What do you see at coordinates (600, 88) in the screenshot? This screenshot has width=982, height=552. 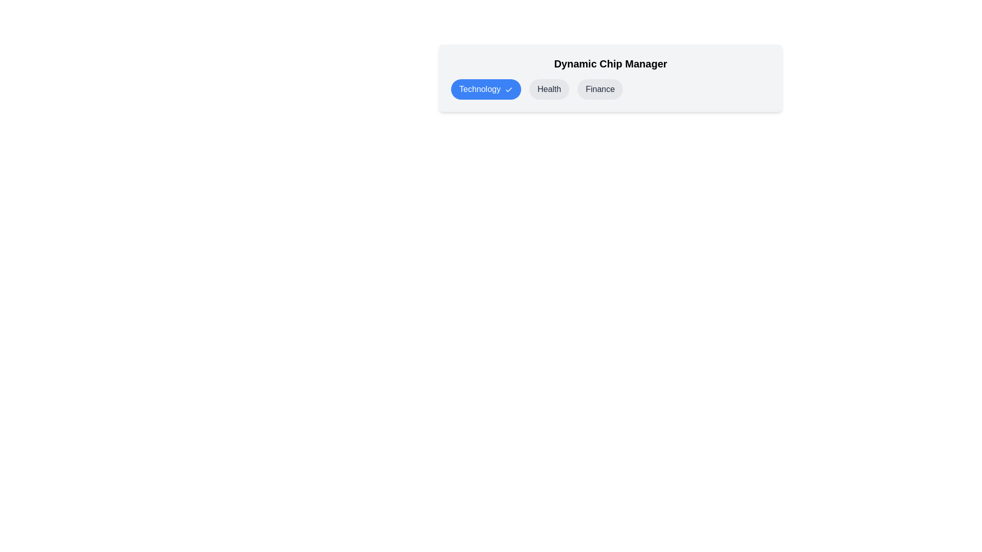 I see `the chip labeled Finance to toggle its state` at bounding box center [600, 88].